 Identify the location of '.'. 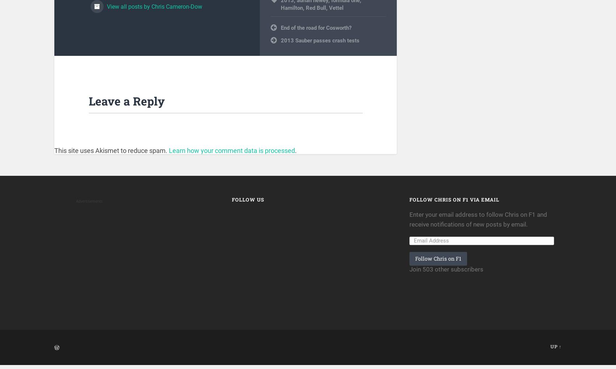
(295, 154).